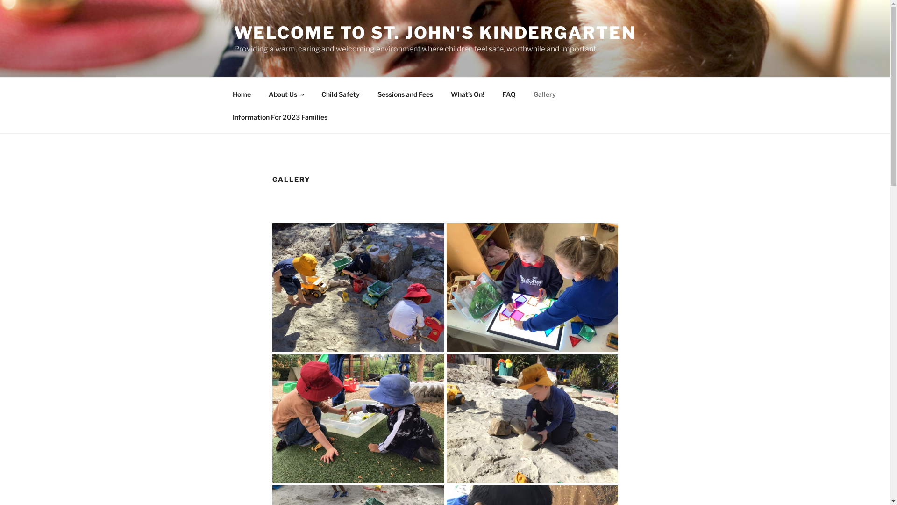 This screenshot has width=897, height=505. What do you see at coordinates (508, 94) in the screenshot?
I see `'FAQ'` at bounding box center [508, 94].